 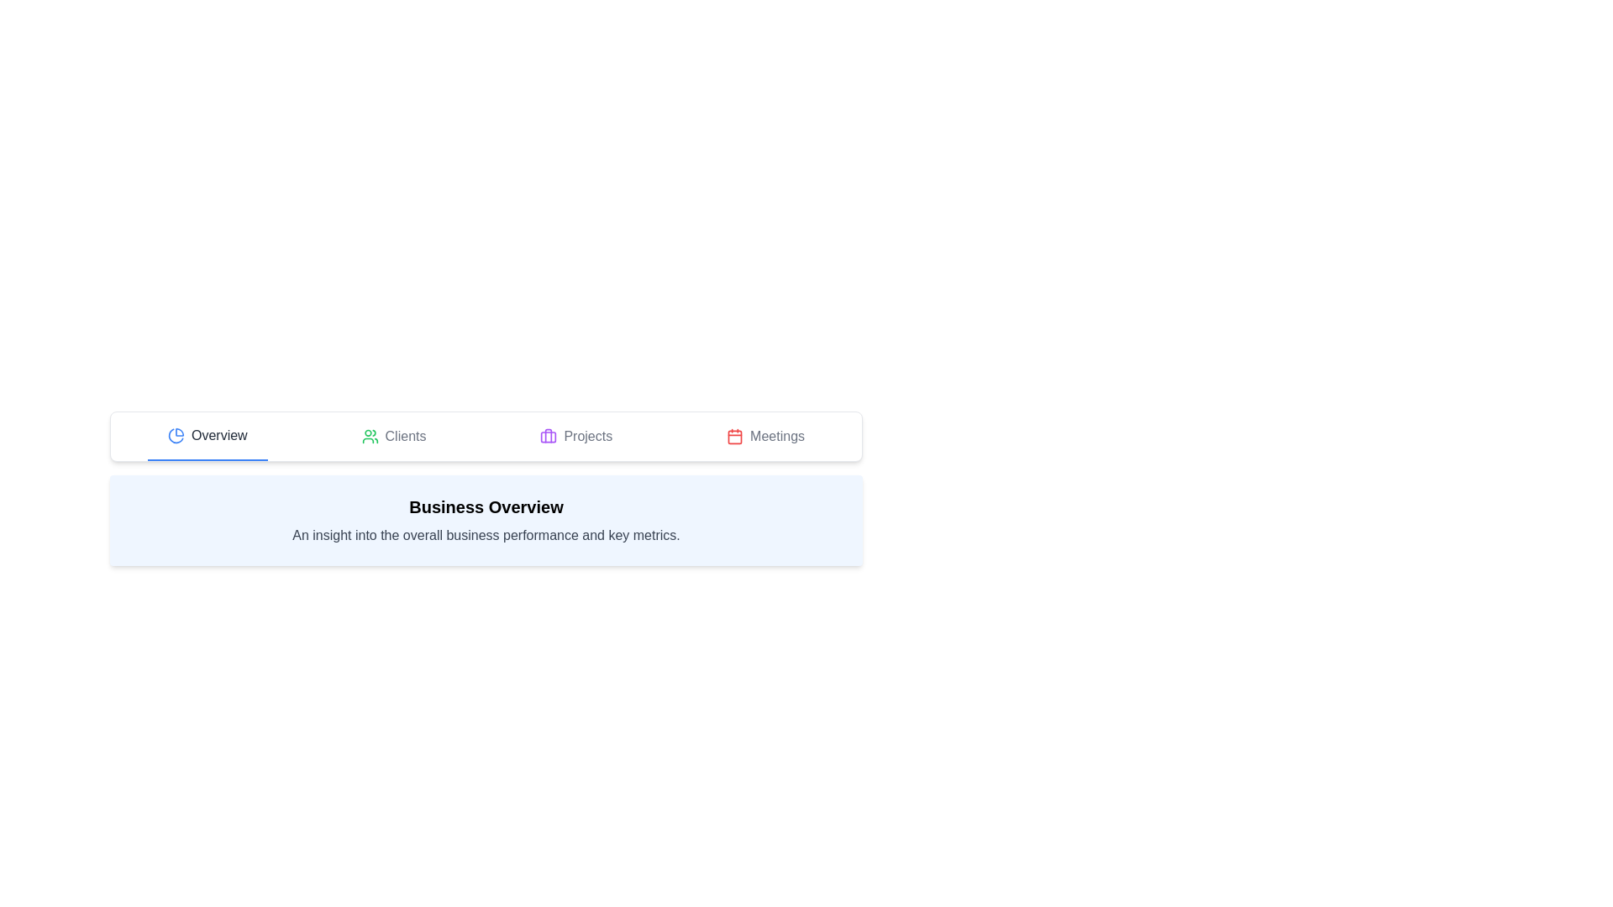 What do you see at coordinates (486, 520) in the screenshot?
I see `the informational text box with a light blue background titled 'Business Overview', which contains key business performance metrics, located beneath the tabbed navigation area` at bounding box center [486, 520].